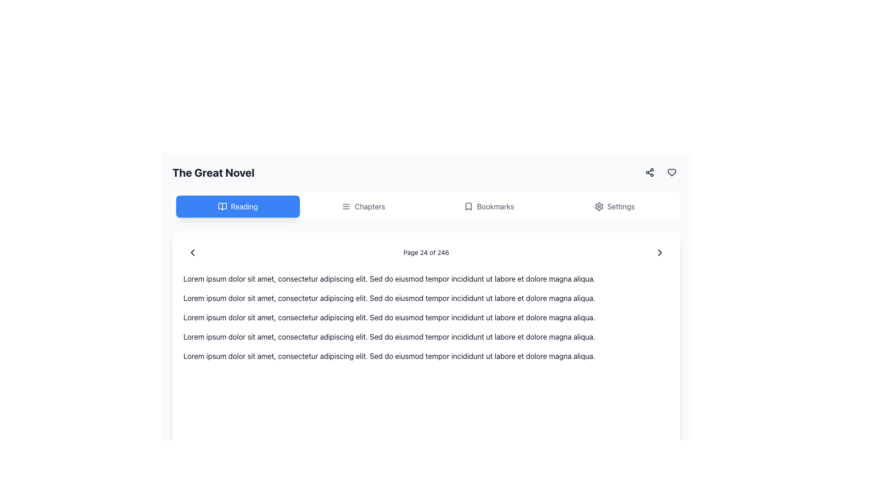 Image resolution: width=883 pixels, height=497 pixels. What do you see at coordinates (192, 252) in the screenshot?
I see `the chevron icon located at the top left section of the interface` at bounding box center [192, 252].